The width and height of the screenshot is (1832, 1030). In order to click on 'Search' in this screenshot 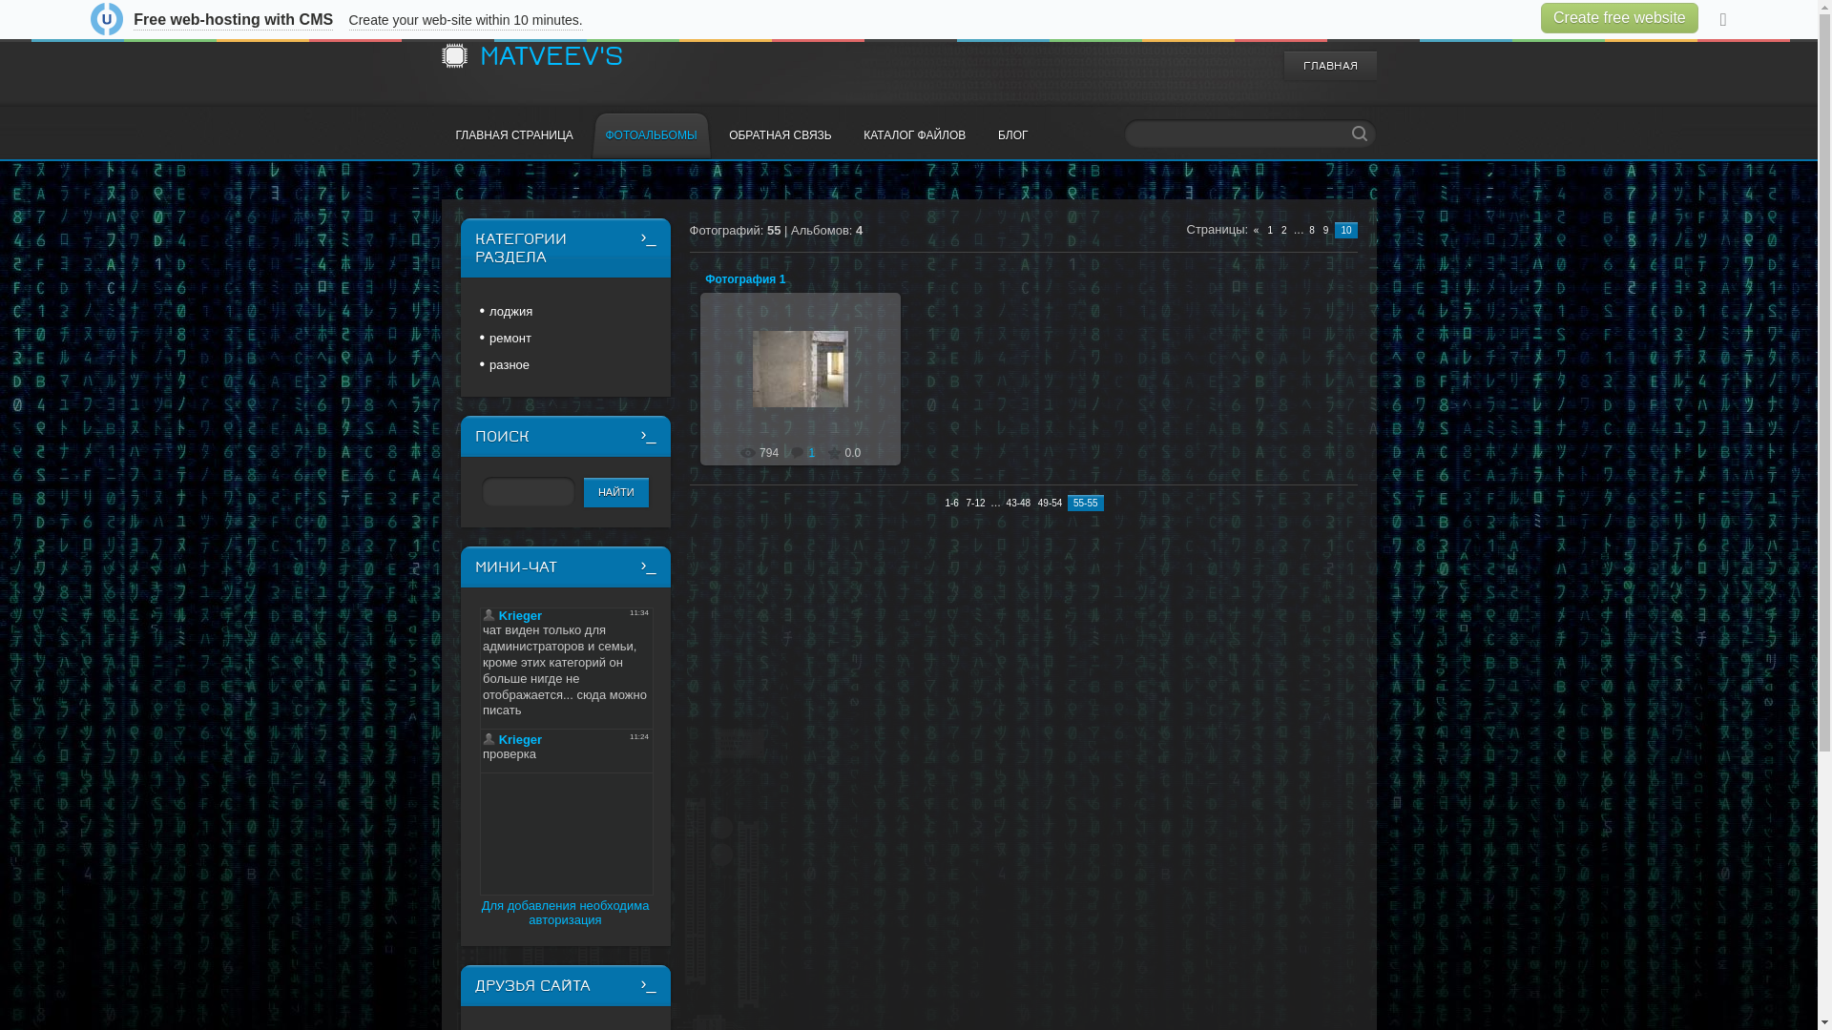, I will do `click(1358, 132)`.